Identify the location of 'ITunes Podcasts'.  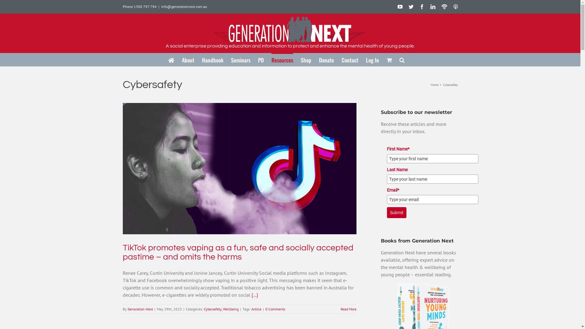
(456, 7).